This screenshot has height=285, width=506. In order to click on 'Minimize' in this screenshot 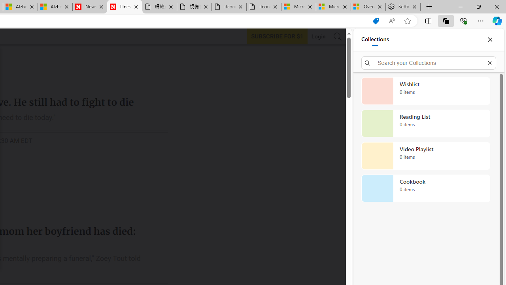, I will do `click(460, 6)`.